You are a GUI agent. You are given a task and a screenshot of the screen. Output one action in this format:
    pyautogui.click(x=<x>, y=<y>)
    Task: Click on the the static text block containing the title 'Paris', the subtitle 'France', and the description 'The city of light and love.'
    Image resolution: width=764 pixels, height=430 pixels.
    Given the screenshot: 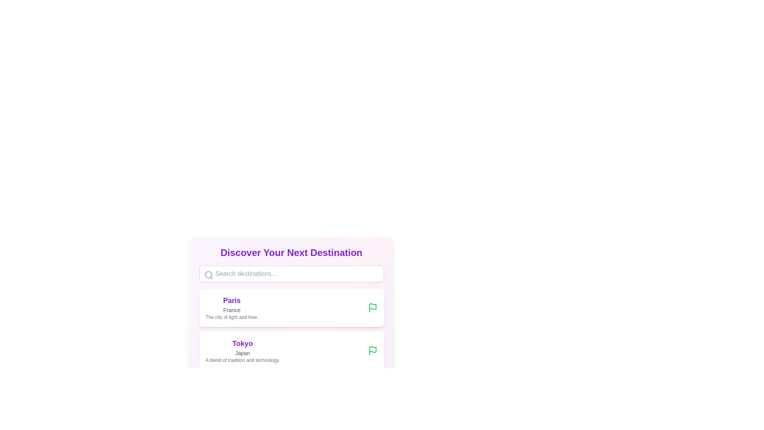 What is the action you would take?
    pyautogui.click(x=231, y=307)
    